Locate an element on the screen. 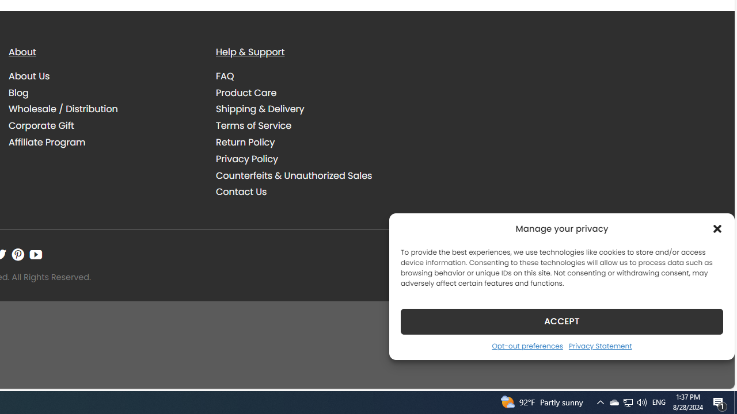  'Wholesale / Distribution' is located at coordinates (104, 109).